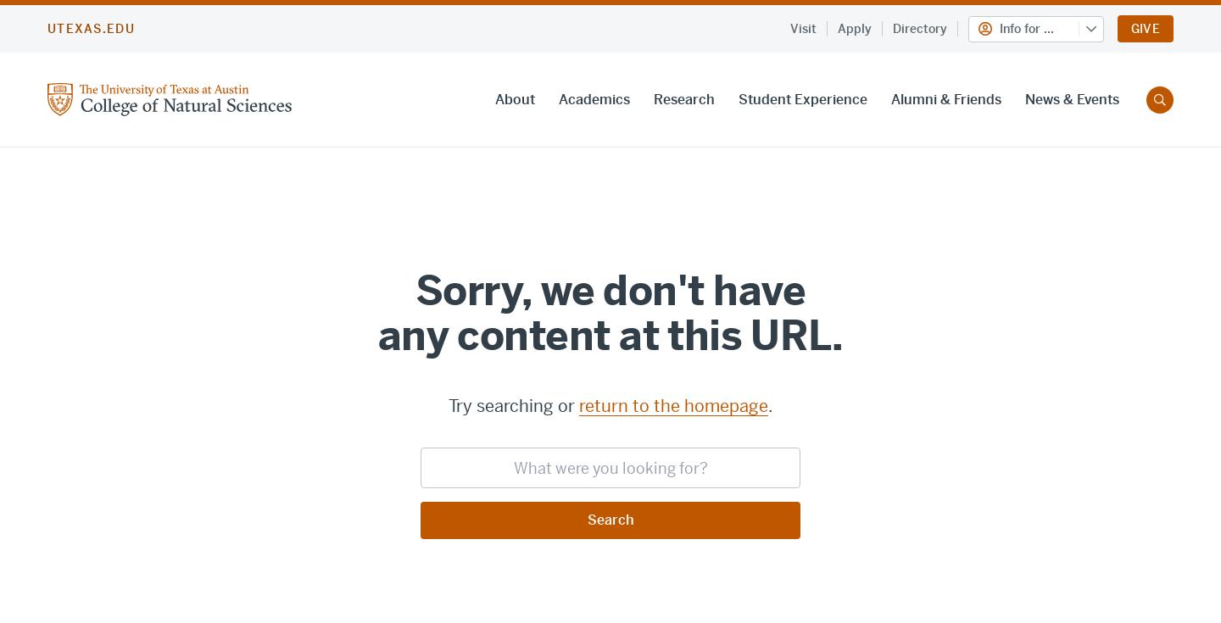 This screenshot has width=1221, height=623. What do you see at coordinates (512, 405) in the screenshot?
I see `'Try searching or'` at bounding box center [512, 405].